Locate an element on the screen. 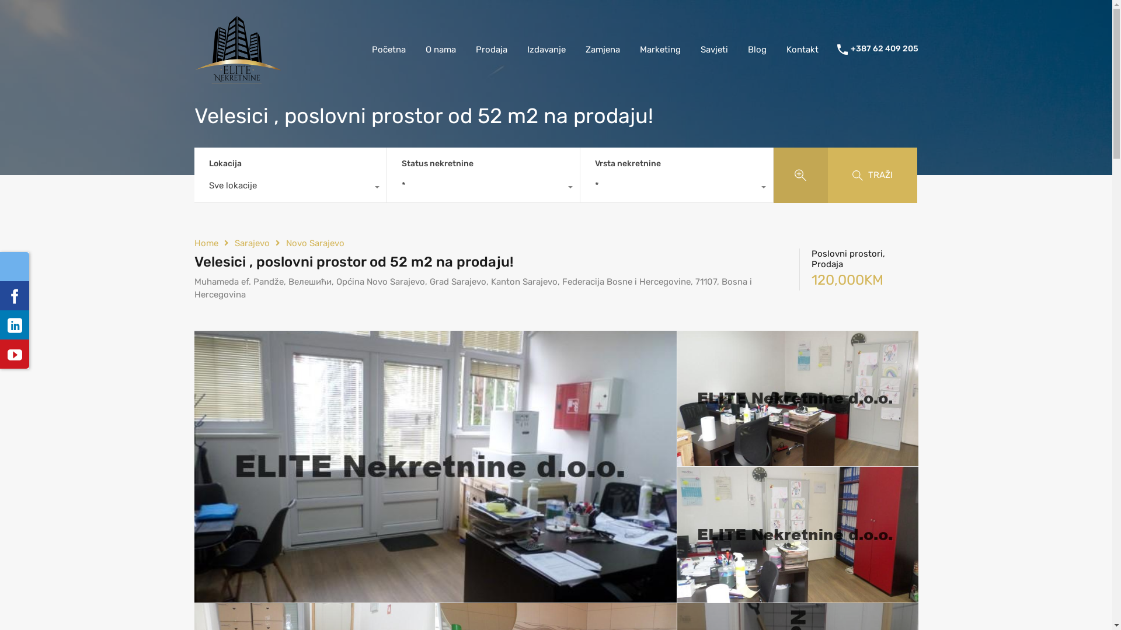  'Sve lokacije' is located at coordinates (290, 188).